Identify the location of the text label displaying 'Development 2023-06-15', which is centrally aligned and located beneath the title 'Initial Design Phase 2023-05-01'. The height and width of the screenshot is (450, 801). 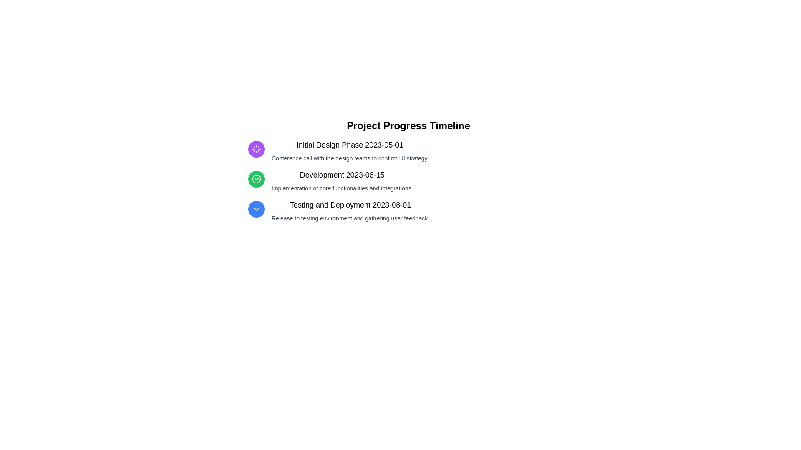
(342, 175).